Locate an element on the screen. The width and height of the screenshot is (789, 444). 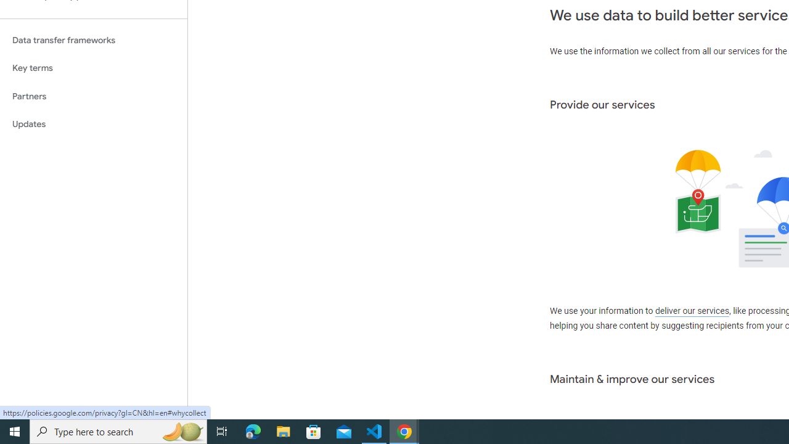
'Partners' is located at coordinates (93, 96).